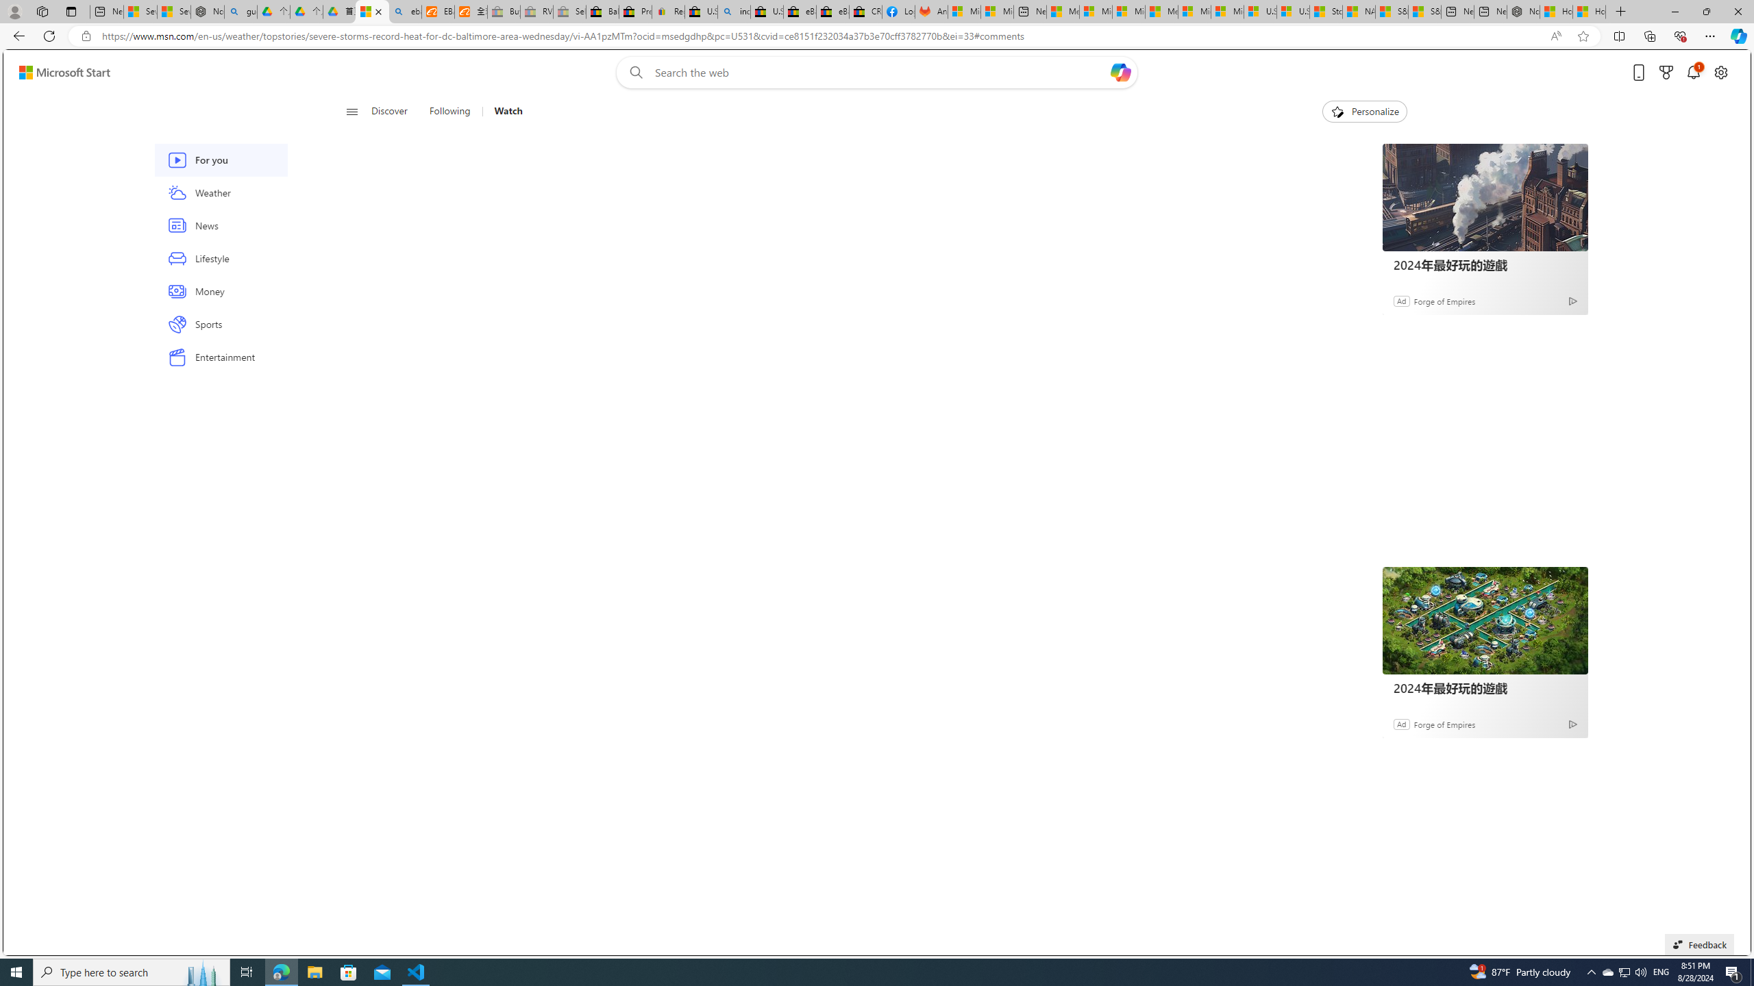  What do you see at coordinates (1363, 111) in the screenshot?
I see `'Personalize'` at bounding box center [1363, 111].